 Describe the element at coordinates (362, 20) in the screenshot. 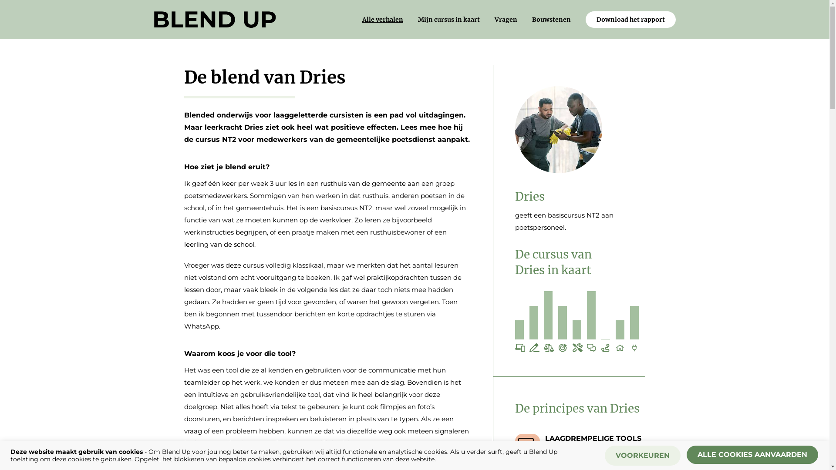

I see `'Alle verhalen'` at that location.